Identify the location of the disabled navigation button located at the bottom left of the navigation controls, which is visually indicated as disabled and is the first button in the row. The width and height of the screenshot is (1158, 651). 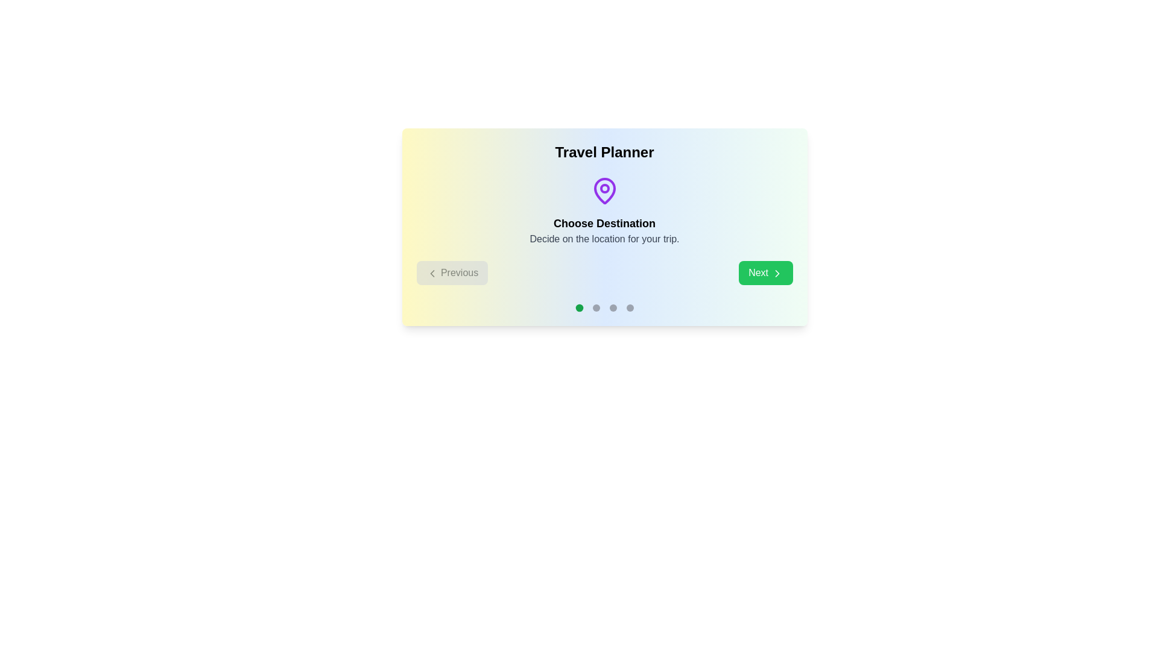
(451, 272).